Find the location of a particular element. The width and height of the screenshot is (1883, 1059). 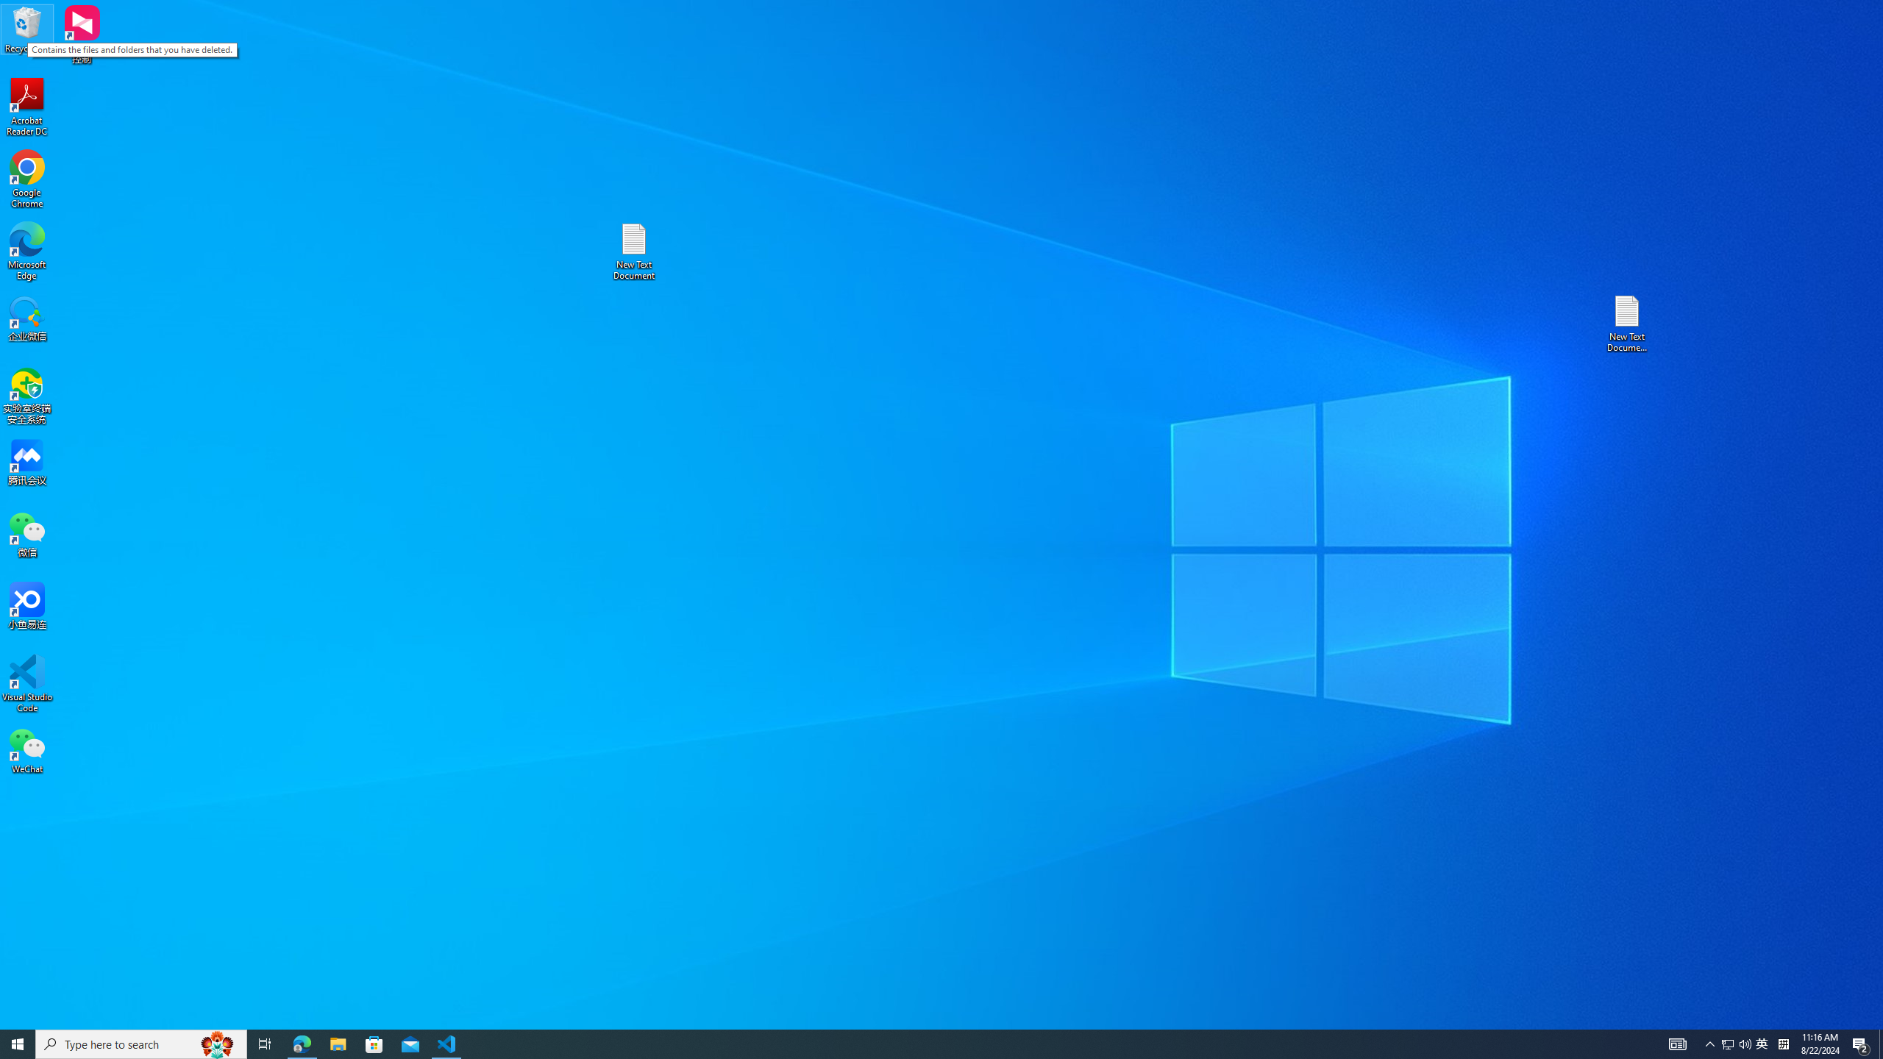

'User Promoted Notification Area' is located at coordinates (1736, 1043).